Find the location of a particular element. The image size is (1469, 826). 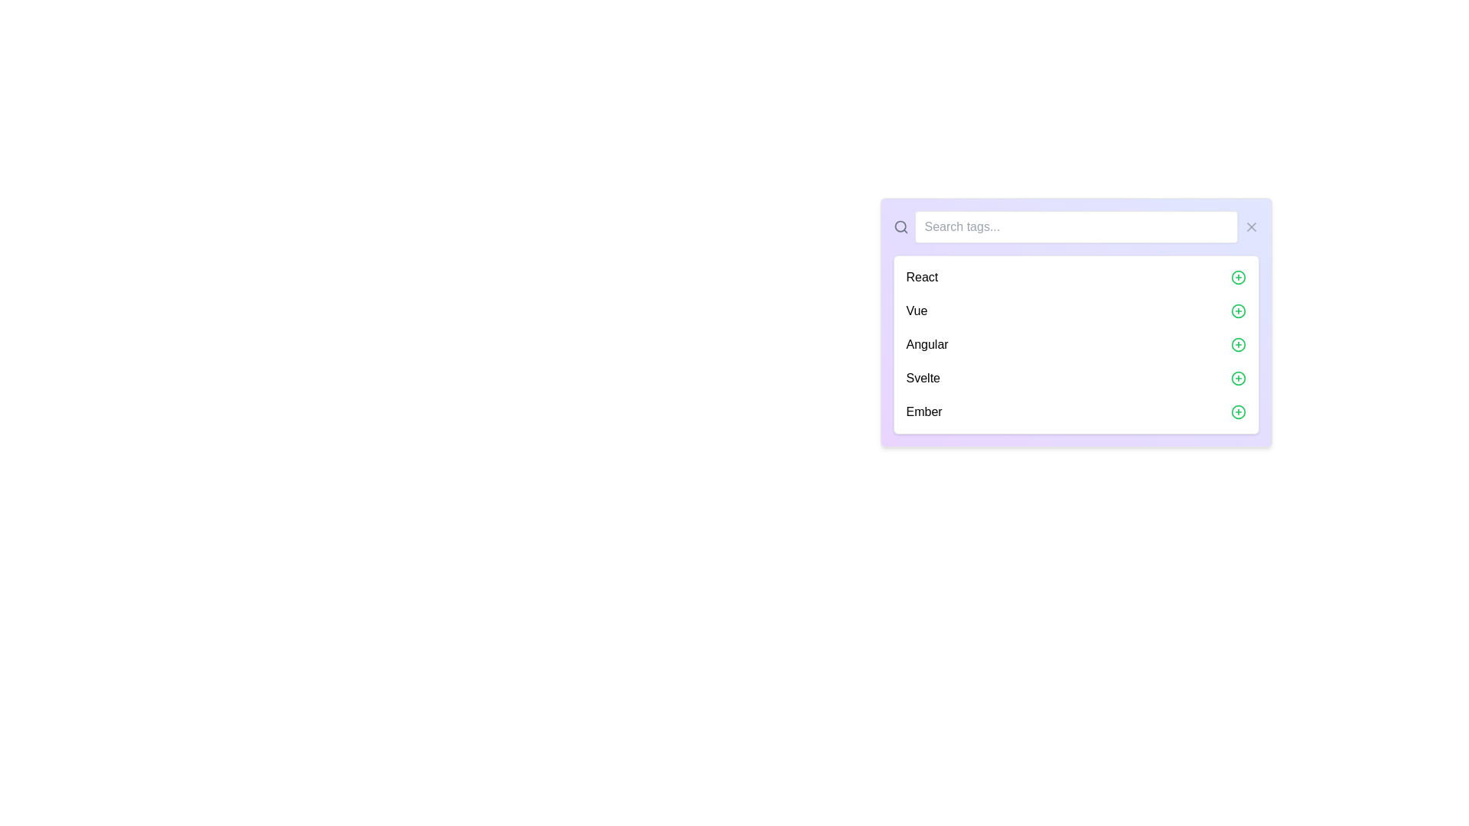

the circular '+' icon with a green outline located at the rightmost side of the 'Svelte' row in the vertical list of options is located at coordinates (1238, 378).